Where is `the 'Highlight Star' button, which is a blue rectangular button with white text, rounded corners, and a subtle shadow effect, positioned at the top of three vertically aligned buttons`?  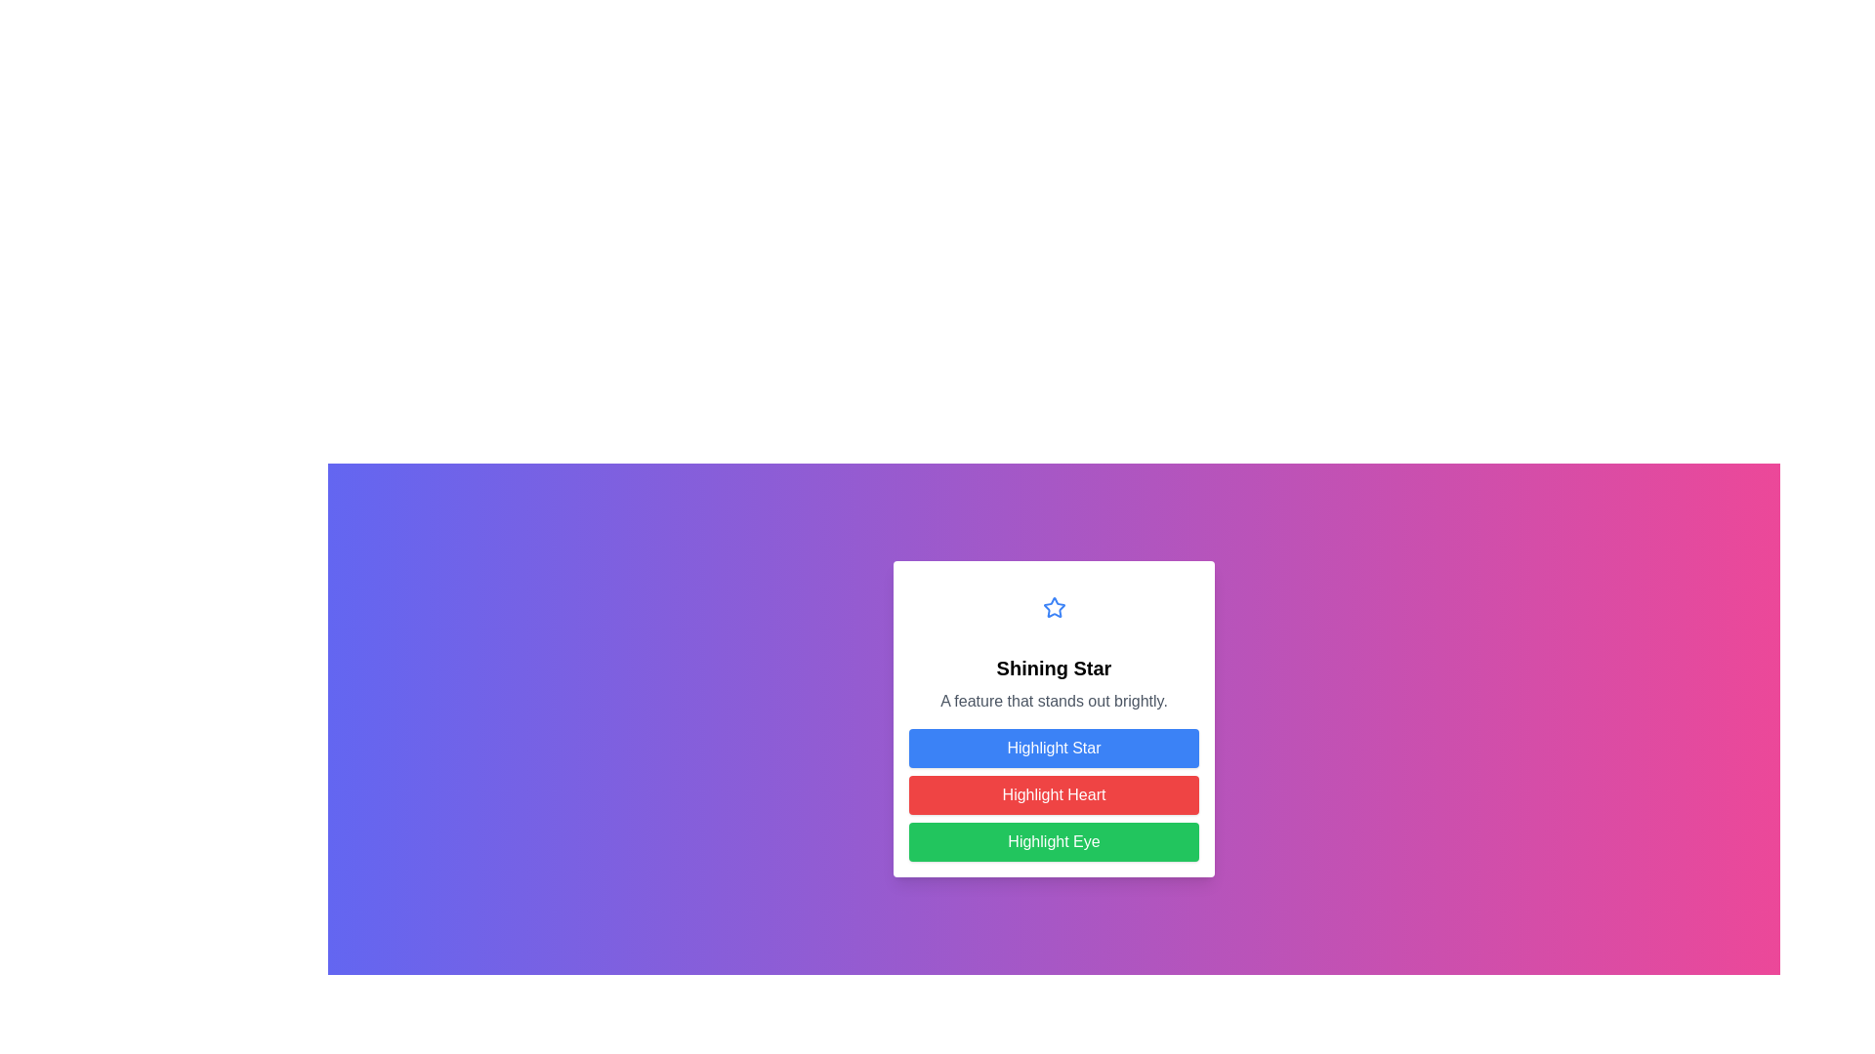 the 'Highlight Star' button, which is a blue rectangular button with white text, rounded corners, and a subtle shadow effect, positioned at the top of three vertically aligned buttons is located at coordinates (1053, 748).